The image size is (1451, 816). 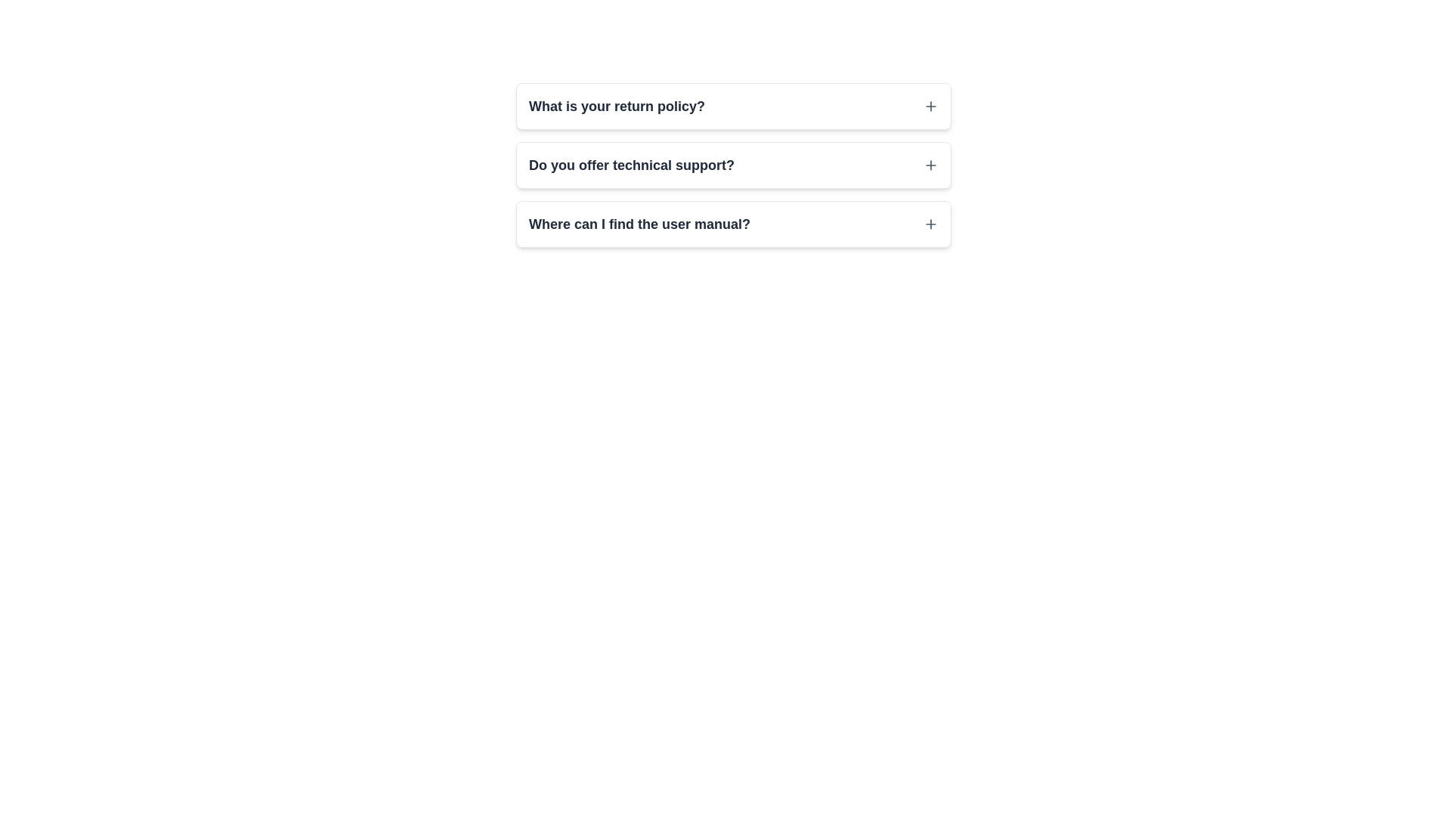 What do you see at coordinates (733, 224) in the screenshot?
I see `the third collapsible menu item in the vertical list that reveals information about 'Where can I find the user manual?'` at bounding box center [733, 224].